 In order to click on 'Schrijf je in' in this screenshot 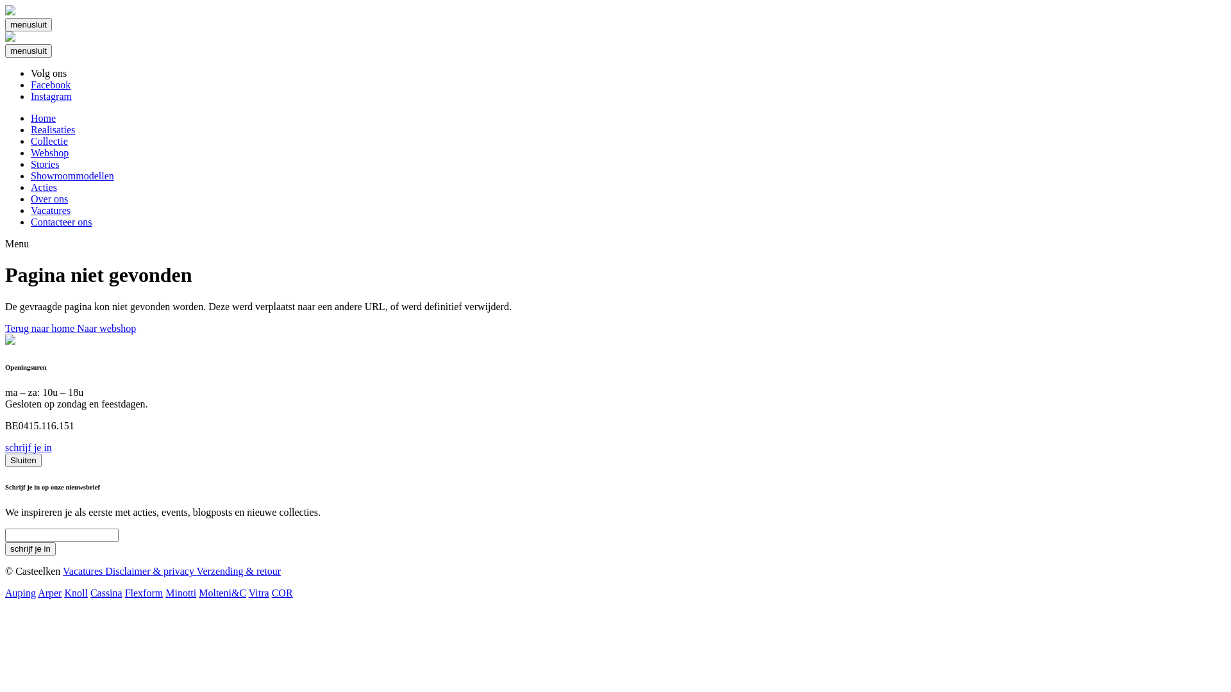, I will do `click(30, 548)`.